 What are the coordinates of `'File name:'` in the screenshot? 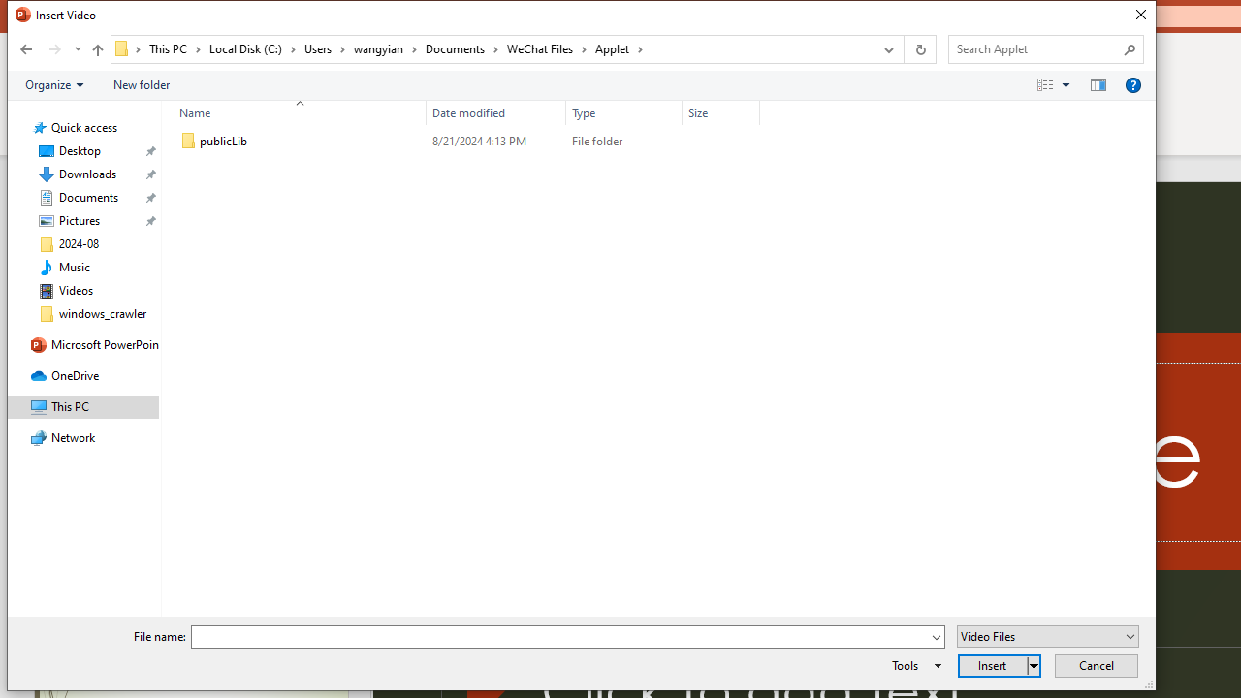 It's located at (567, 637).